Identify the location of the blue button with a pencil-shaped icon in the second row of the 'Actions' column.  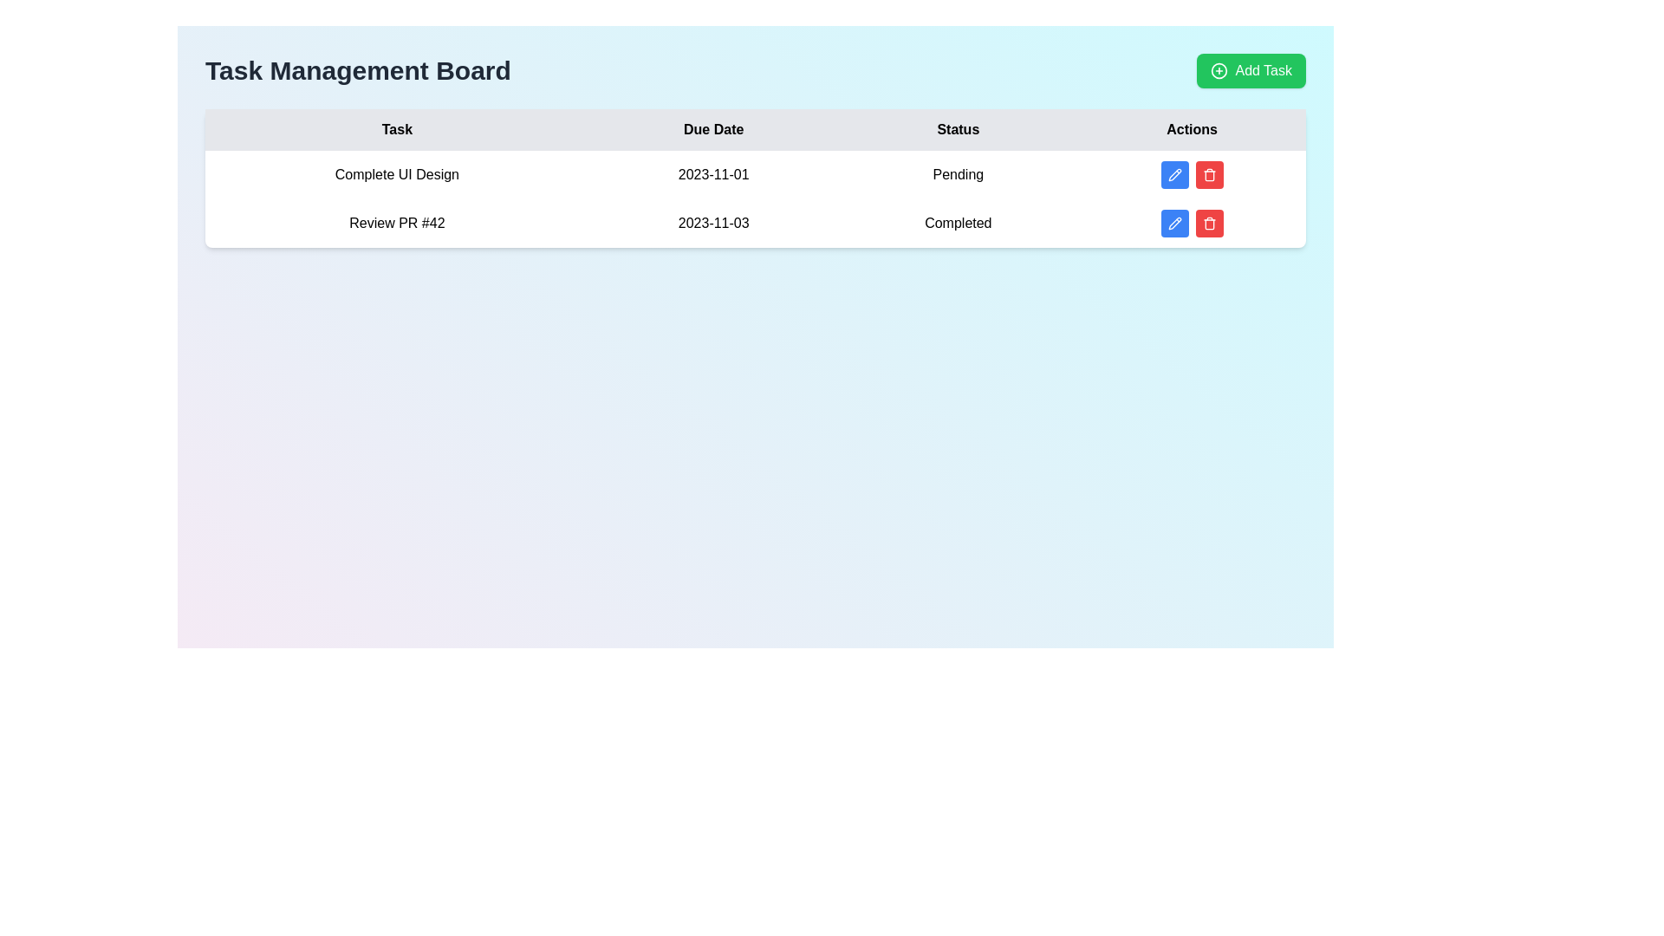
(1174, 223).